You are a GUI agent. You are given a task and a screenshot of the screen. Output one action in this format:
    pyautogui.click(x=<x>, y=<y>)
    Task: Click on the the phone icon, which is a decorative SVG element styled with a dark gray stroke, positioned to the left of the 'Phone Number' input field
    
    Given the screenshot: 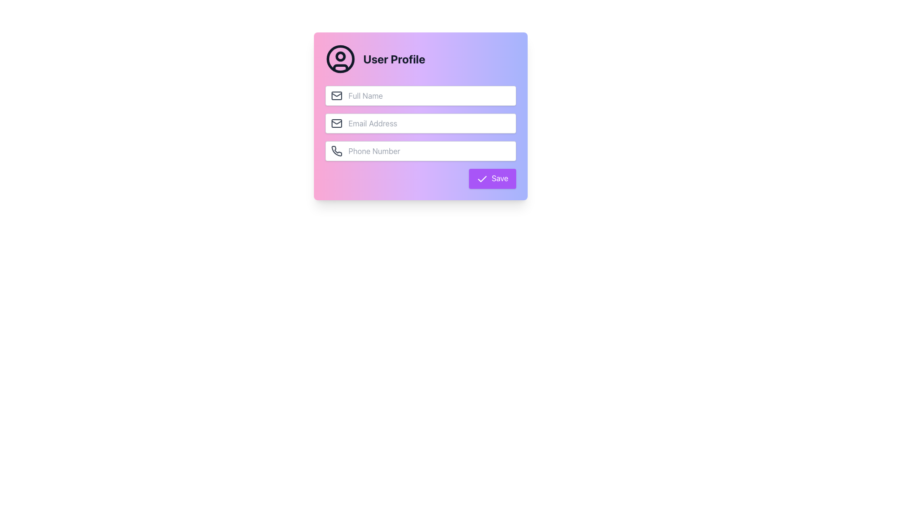 What is the action you would take?
    pyautogui.click(x=336, y=150)
    